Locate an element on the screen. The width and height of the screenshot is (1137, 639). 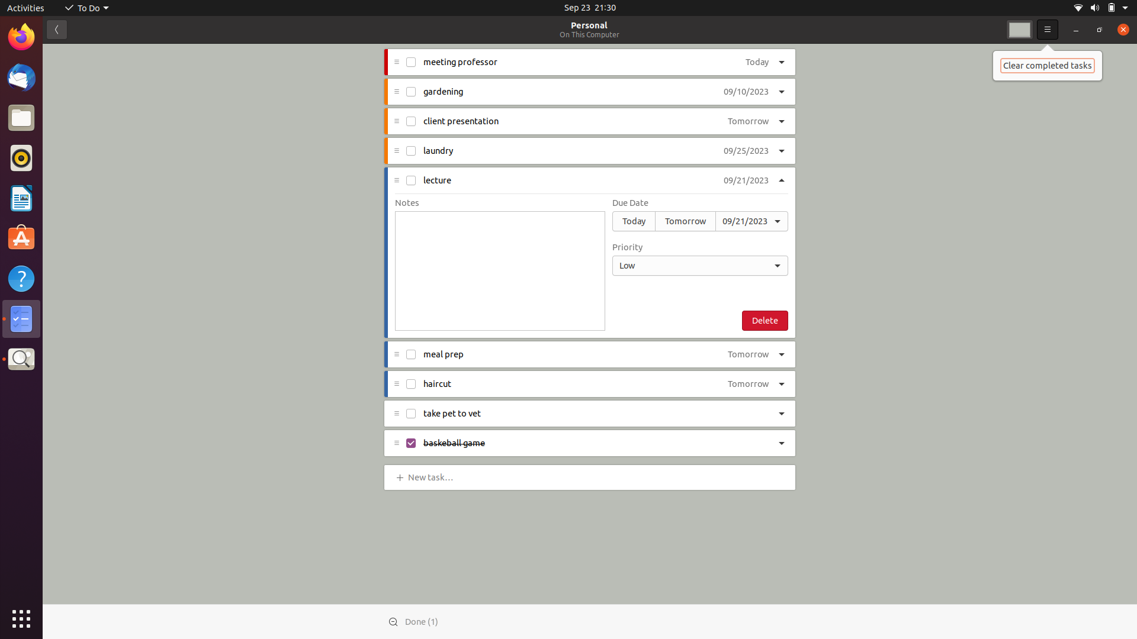
Finalise the "checkbox baseball game" task by marking it as done is located at coordinates (411, 444).